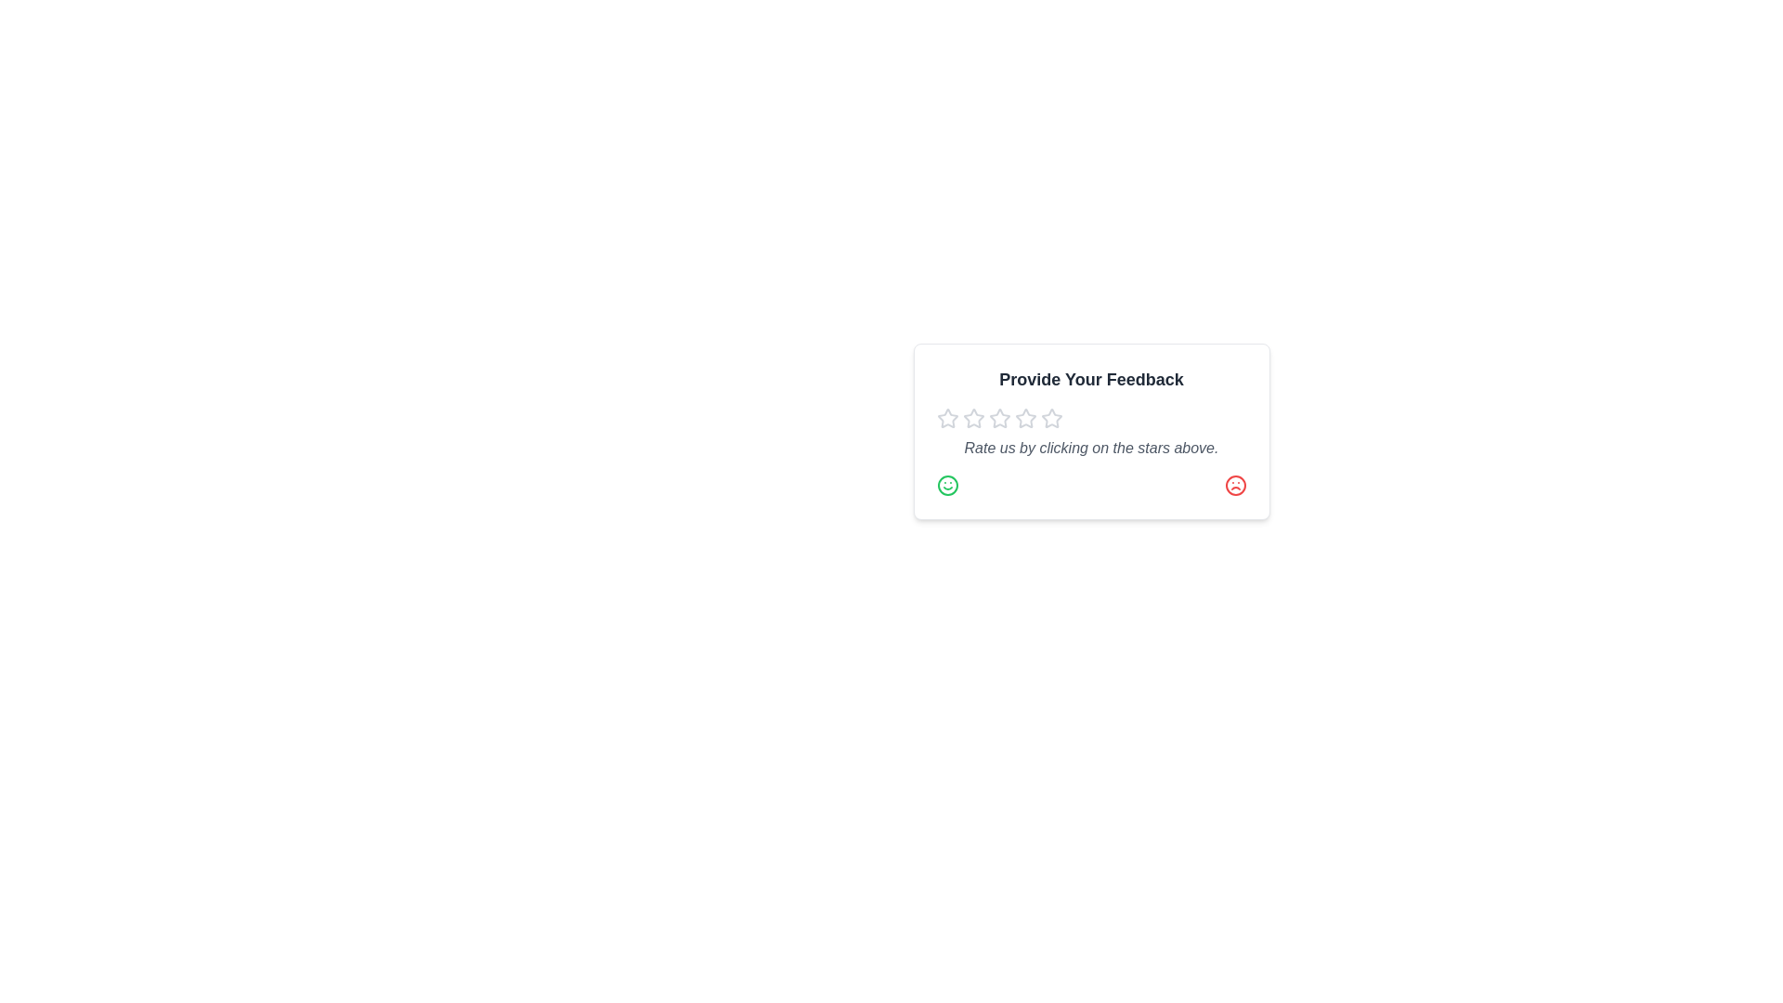 Image resolution: width=1783 pixels, height=1003 pixels. I want to click on the first star-shaped icon in the rating system, so click(998, 418).